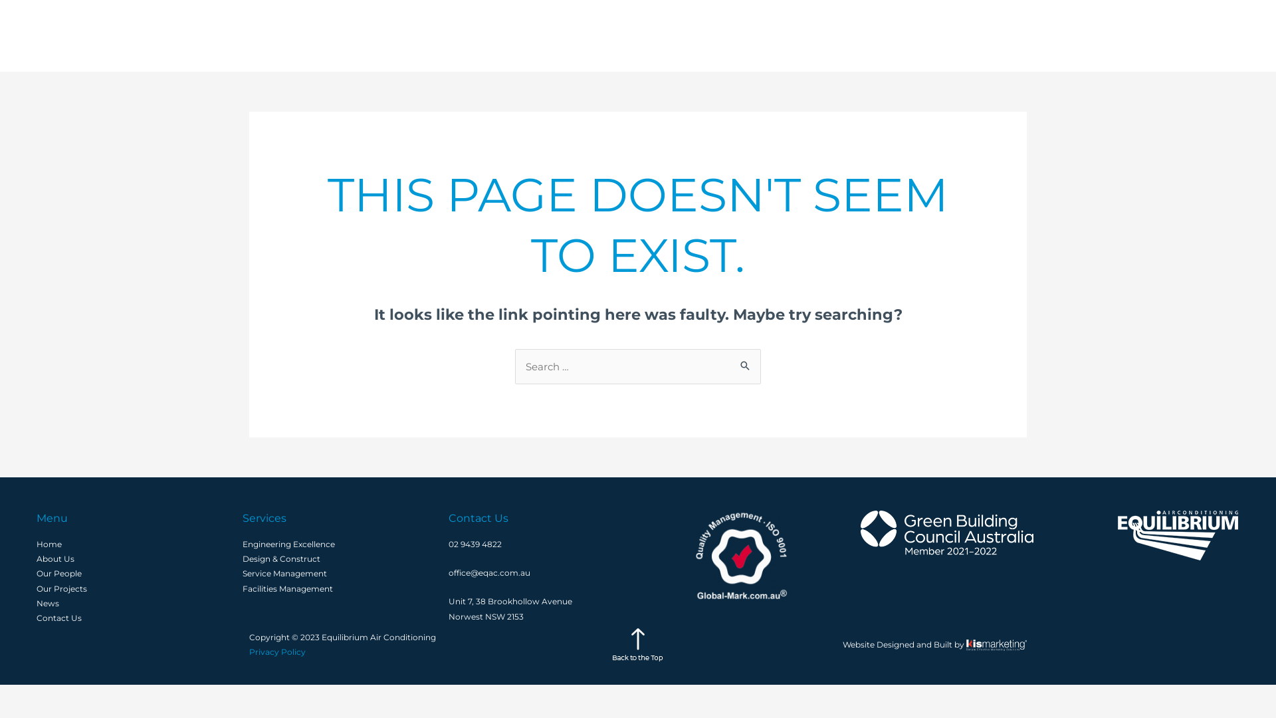 This screenshot has height=718, width=1276. I want to click on 'News', so click(48, 603).